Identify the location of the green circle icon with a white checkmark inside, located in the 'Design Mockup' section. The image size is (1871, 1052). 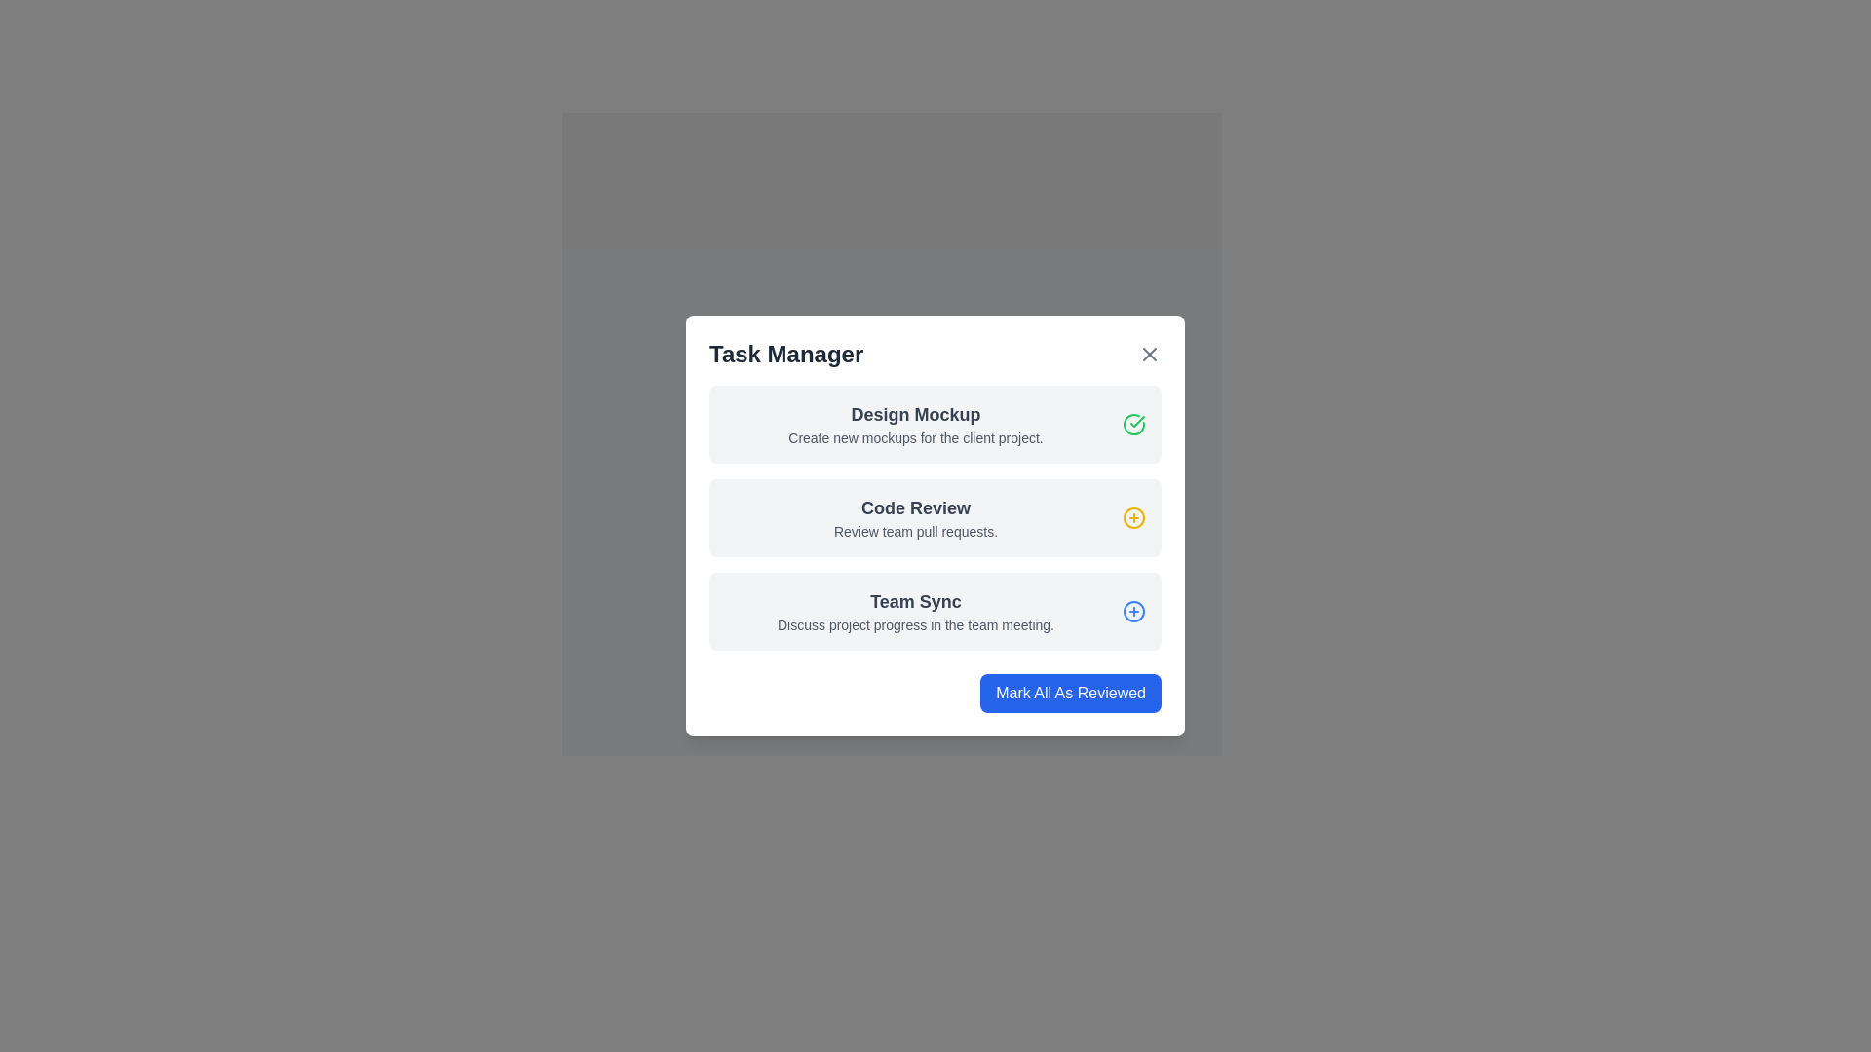
(1133, 423).